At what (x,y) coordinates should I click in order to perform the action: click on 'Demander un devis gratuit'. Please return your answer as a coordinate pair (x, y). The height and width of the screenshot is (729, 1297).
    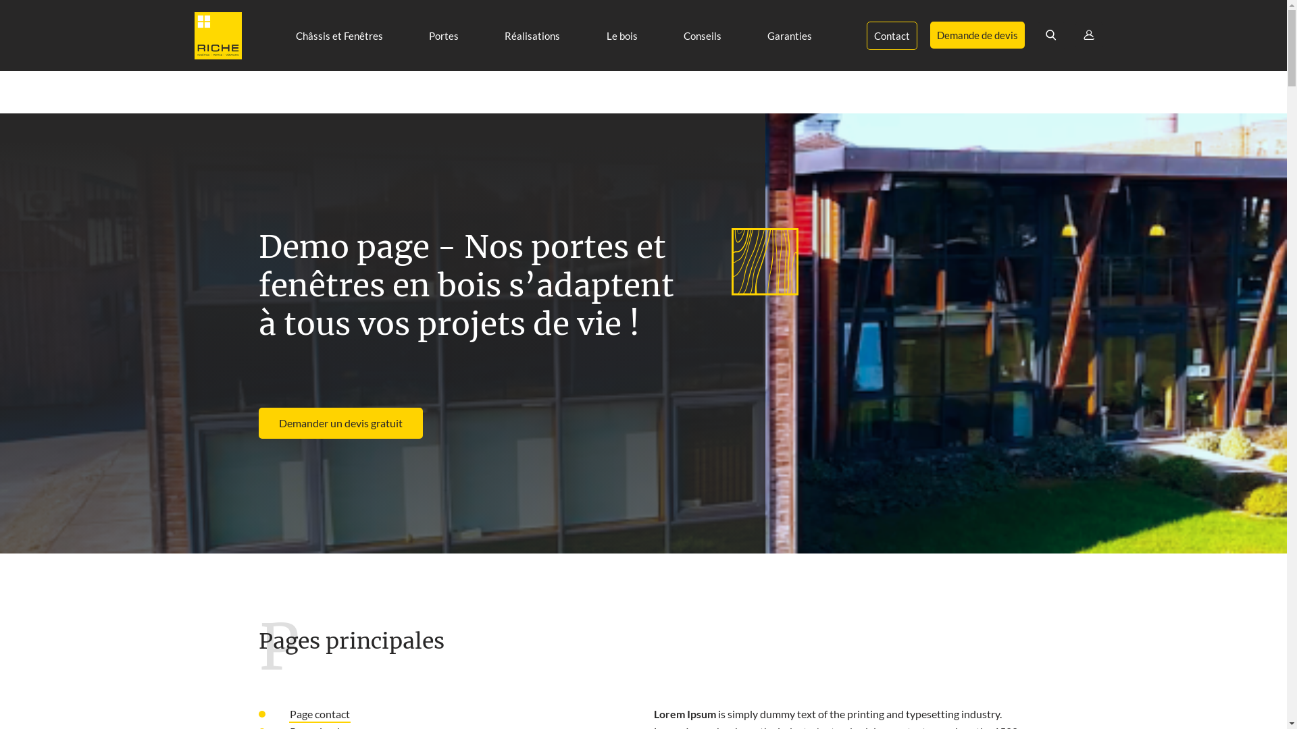
    Looking at the image, I should click on (340, 423).